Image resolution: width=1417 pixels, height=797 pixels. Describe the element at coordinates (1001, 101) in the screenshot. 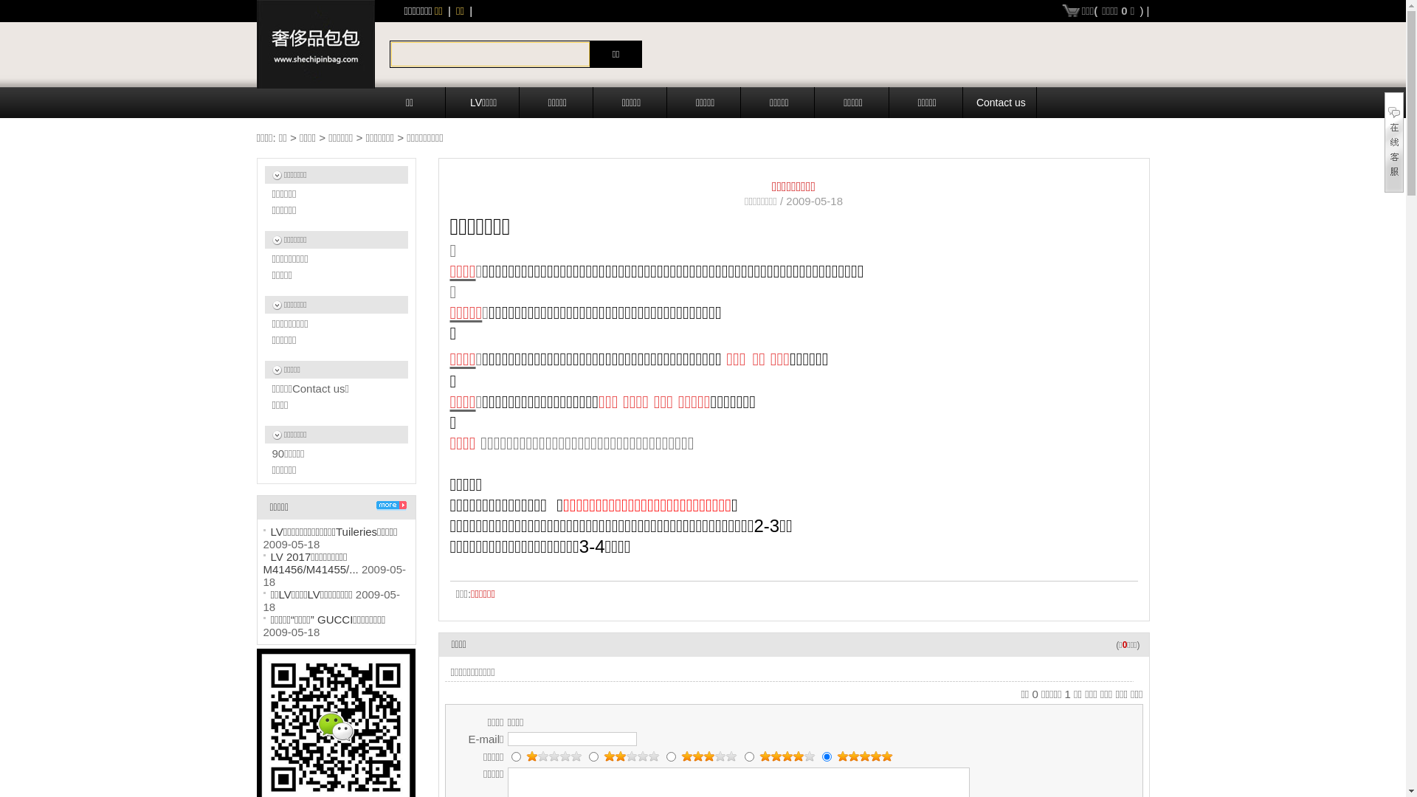

I see `'Contact us'` at that location.